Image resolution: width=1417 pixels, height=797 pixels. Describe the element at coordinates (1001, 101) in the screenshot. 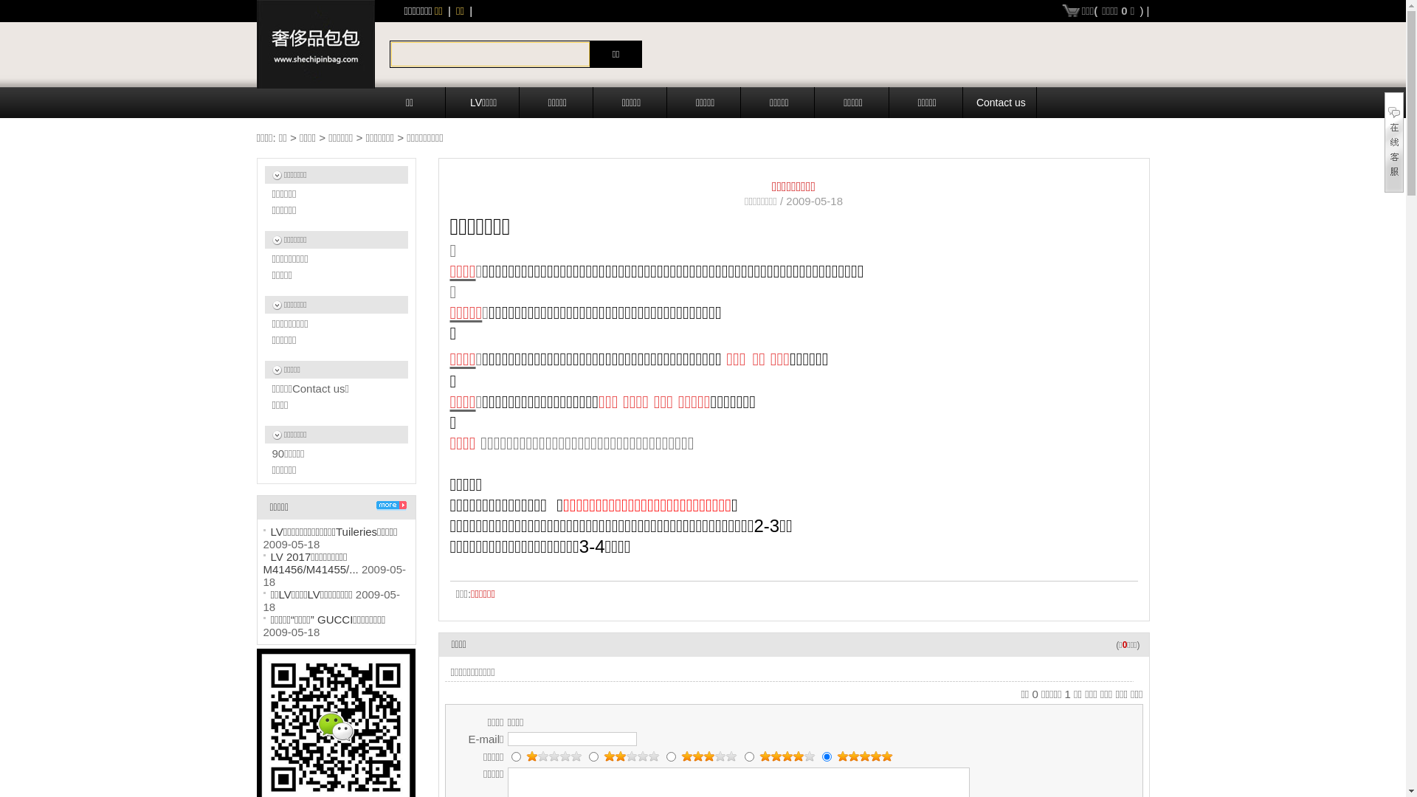

I see `'Contact us'` at that location.